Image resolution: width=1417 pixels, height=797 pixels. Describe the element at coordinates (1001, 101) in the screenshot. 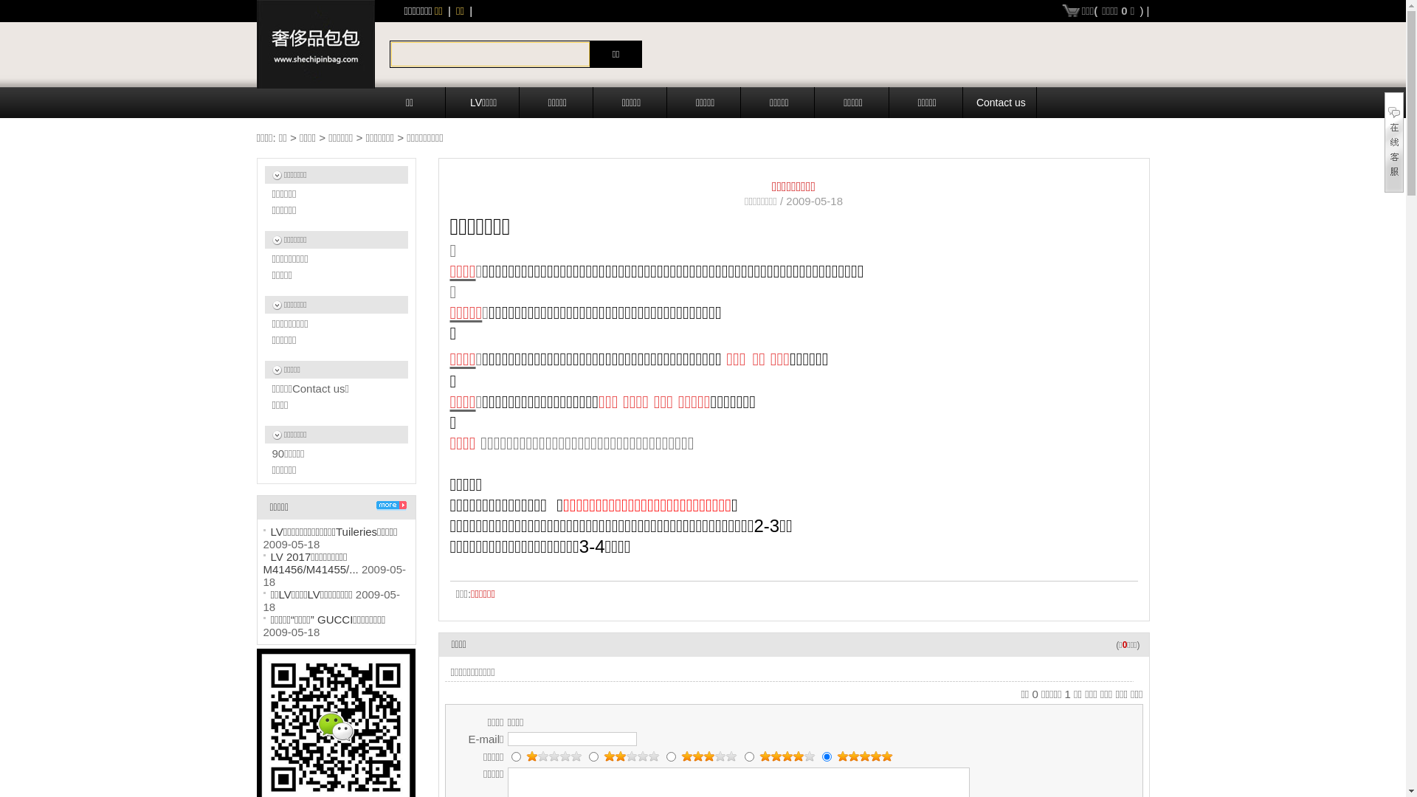

I see `'Contact us'` at that location.